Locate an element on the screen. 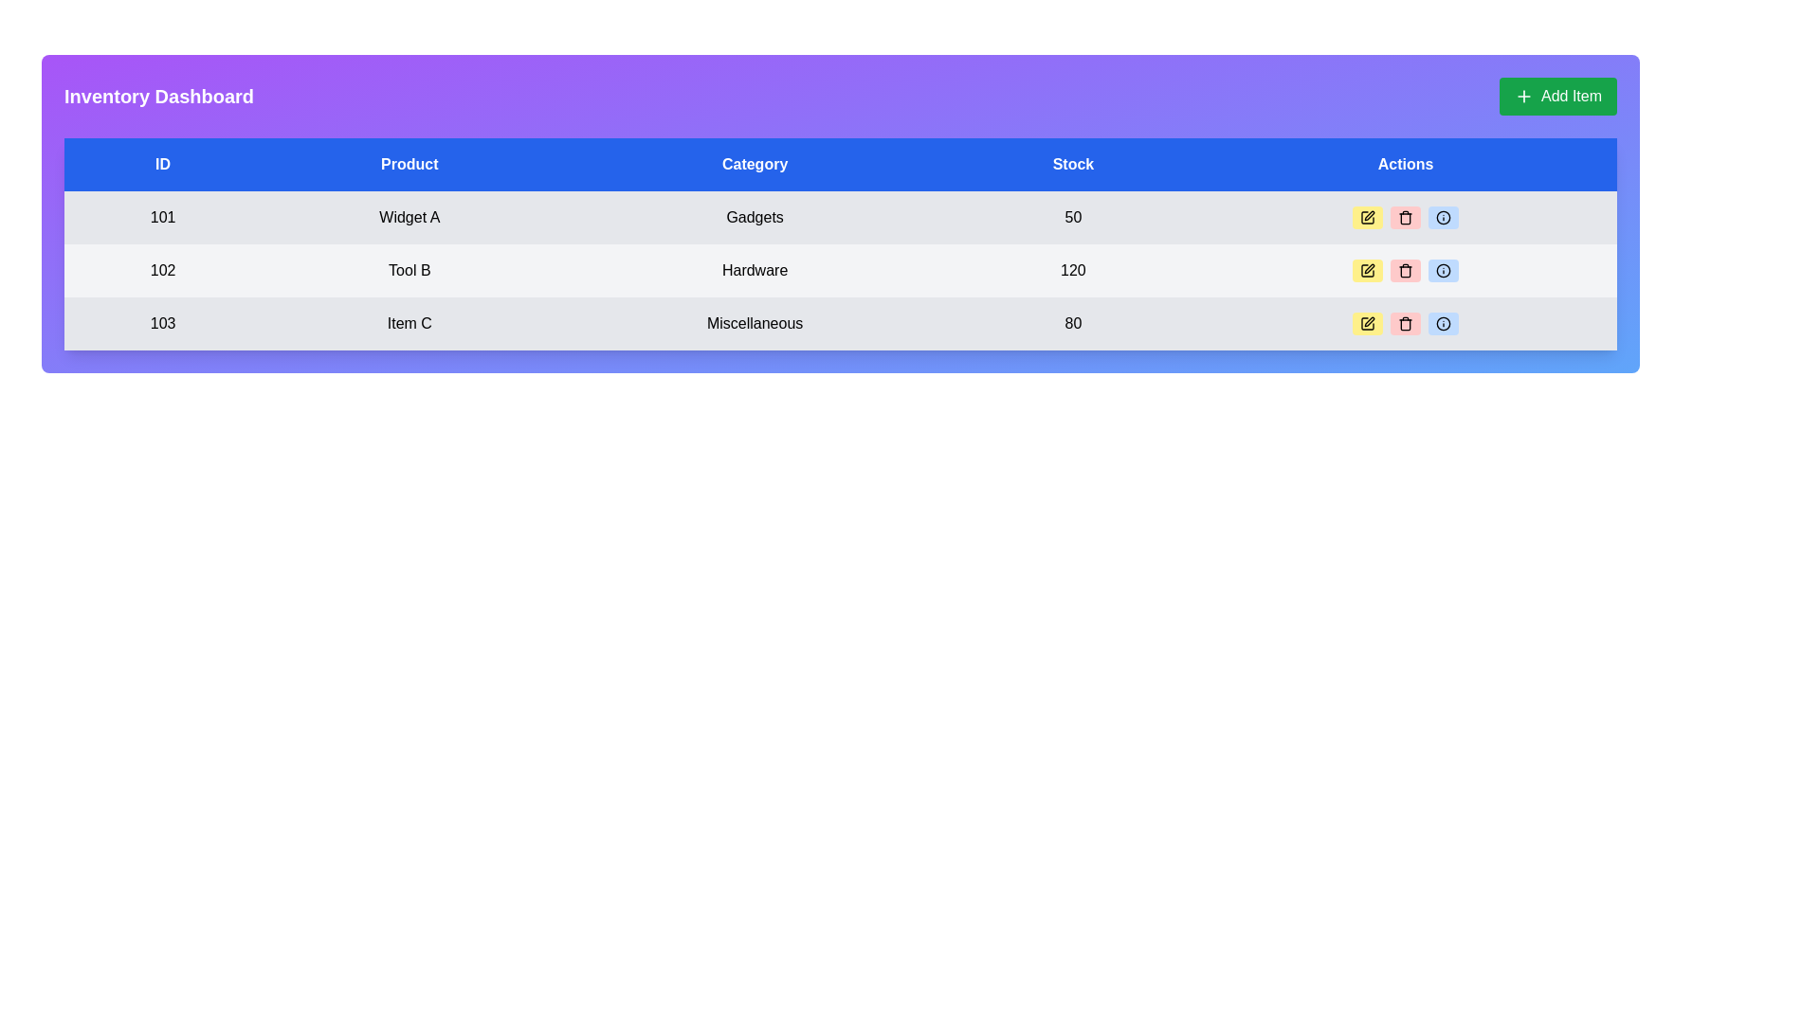 Image resolution: width=1820 pixels, height=1023 pixels. the non-interactive text label indicating the product name, located in the second column of the first data row under the 'Product' header is located at coordinates (409, 217).